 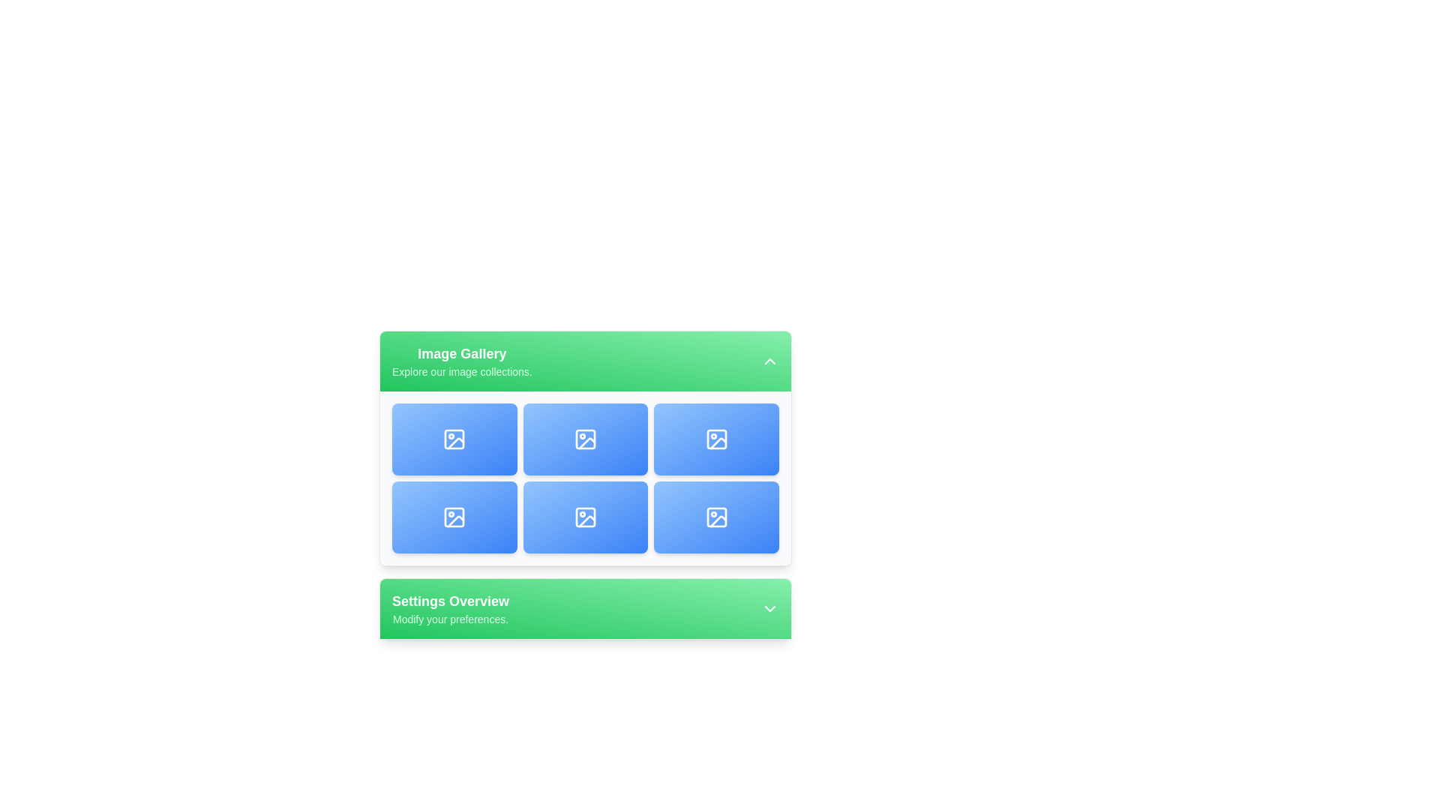 What do you see at coordinates (715, 439) in the screenshot?
I see `the Image Icon located in the bottom row, third column of the 'Image Gallery' section` at bounding box center [715, 439].